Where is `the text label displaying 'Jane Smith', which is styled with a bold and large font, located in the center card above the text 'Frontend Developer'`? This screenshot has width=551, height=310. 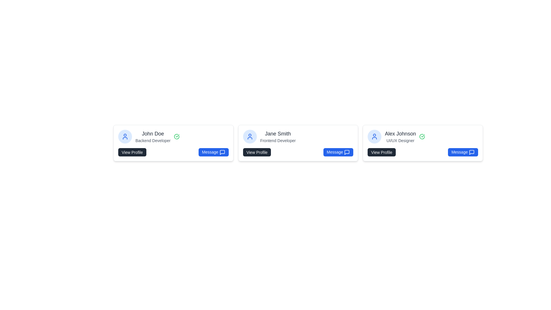
the text label displaying 'Jane Smith', which is styled with a bold and large font, located in the center card above the text 'Frontend Developer' is located at coordinates (278, 134).